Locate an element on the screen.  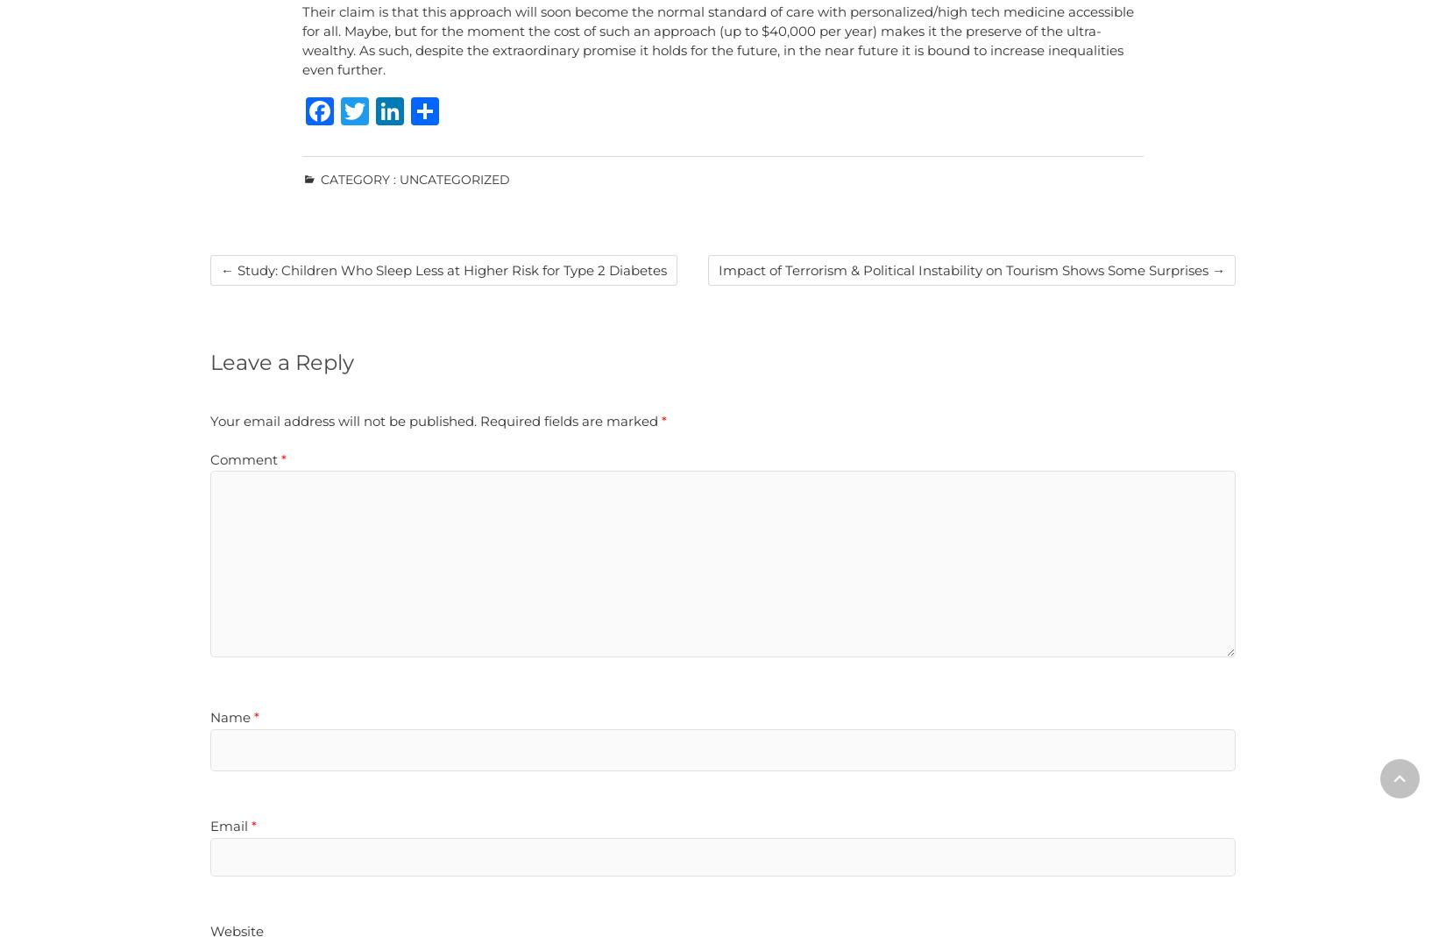
'Name' is located at coordinates (231, 716).